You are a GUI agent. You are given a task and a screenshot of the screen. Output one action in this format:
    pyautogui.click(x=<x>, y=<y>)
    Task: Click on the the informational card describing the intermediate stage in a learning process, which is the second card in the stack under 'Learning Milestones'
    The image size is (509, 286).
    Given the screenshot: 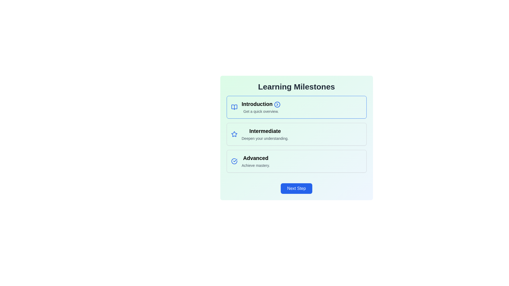 What is the action you would take?
    pyautogui.click(x=296, y=137)
    